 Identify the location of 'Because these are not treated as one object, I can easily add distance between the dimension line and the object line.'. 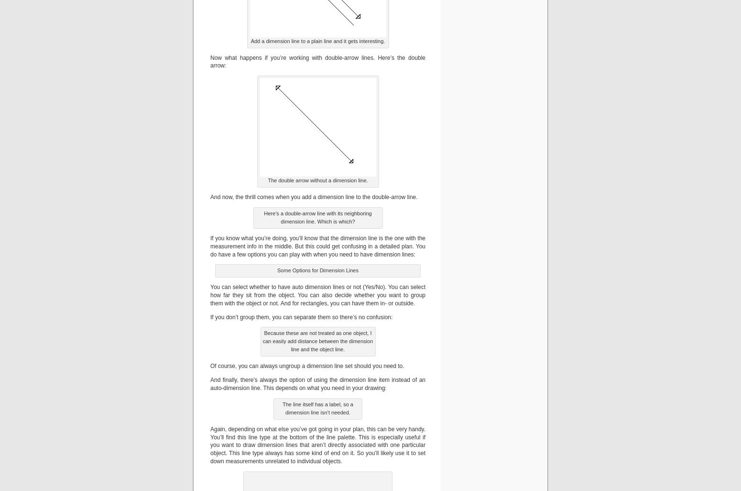
(262, 340).